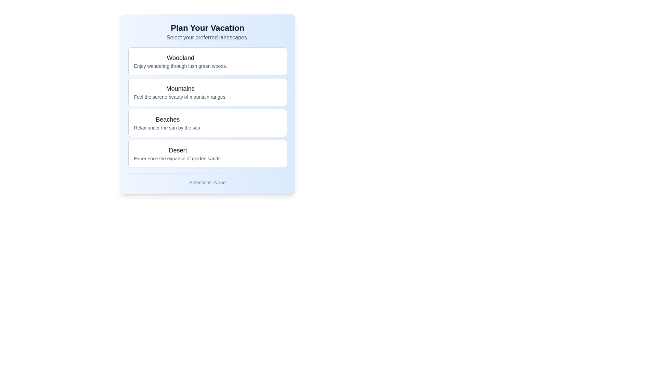  I want to click on the text label displaying 'Mountains', which is styled with a large, bold, dark gray font and is centrally located within the 'Plan Your Vacation' interface, so click(180, 88).